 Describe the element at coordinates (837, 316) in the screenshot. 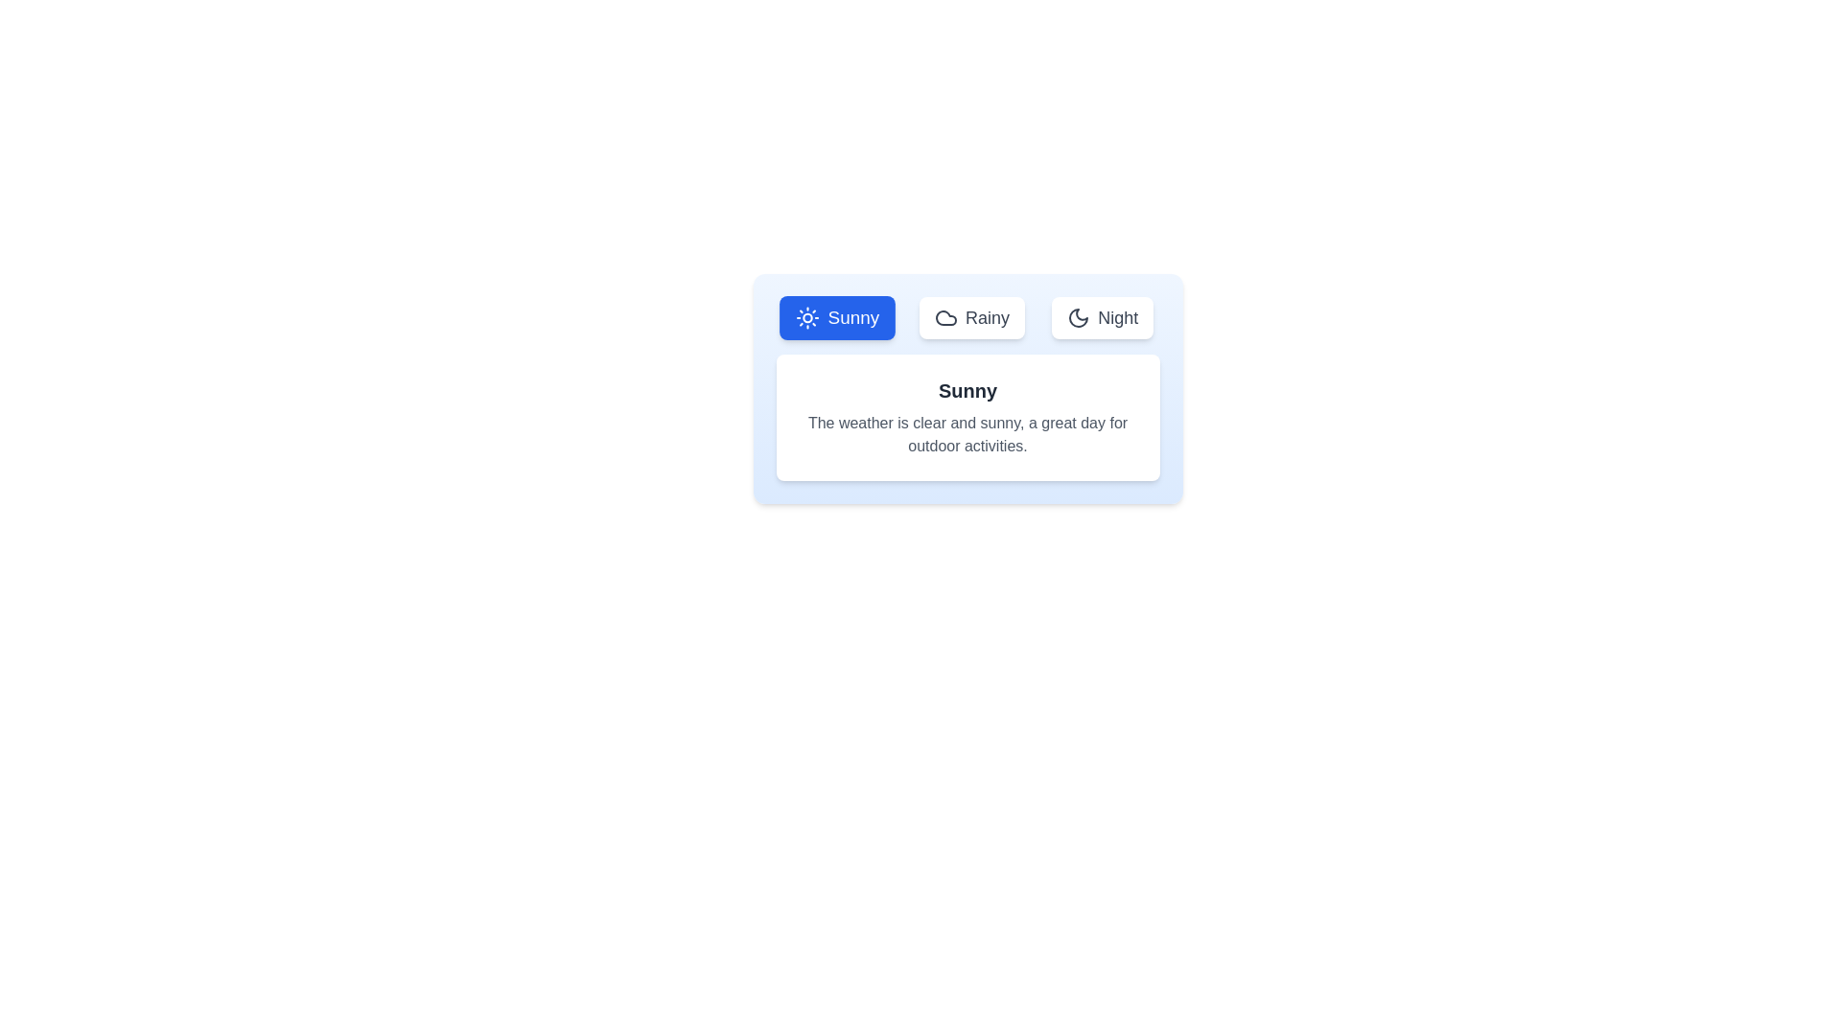

I see `the Sunny tab by clicking on its corresponding button` at that location.